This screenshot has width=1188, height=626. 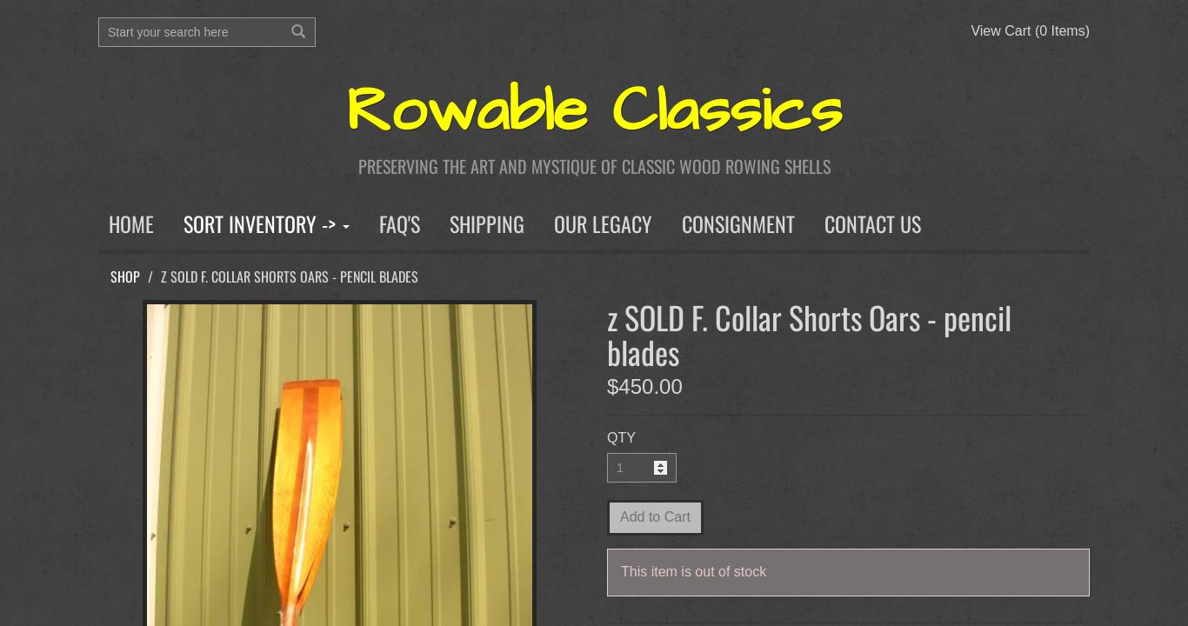 I want to click on 'FAQ's', so click(x=399, y=222).